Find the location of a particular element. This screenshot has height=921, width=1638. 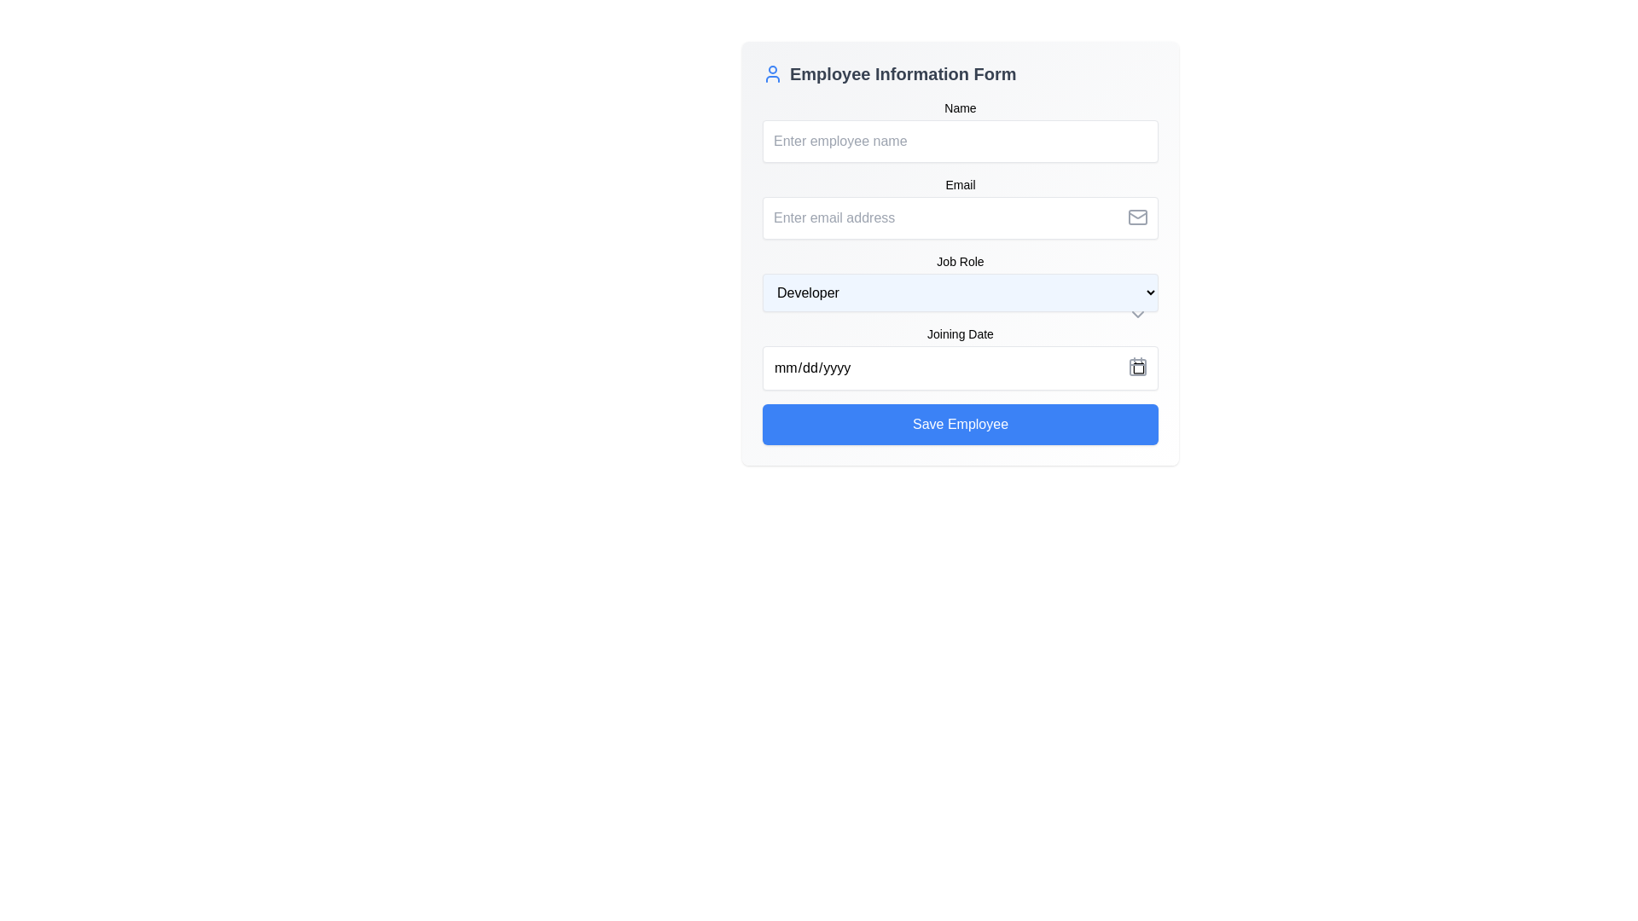

the downward-pointing gray chevron icon located at the right edge of the 'Job Role' selector field labeled 'Developer' is located at coordinates (1138, 315).